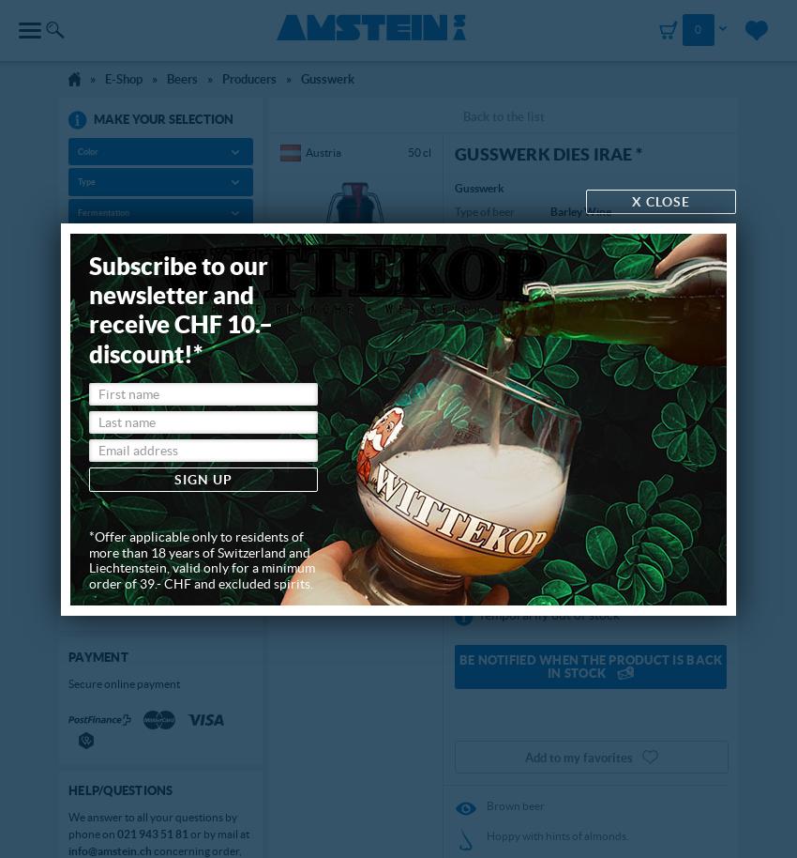  Describe the element at coordinates (578, 756) in the screenshot. I see `'Add to my favorites'` at that location.